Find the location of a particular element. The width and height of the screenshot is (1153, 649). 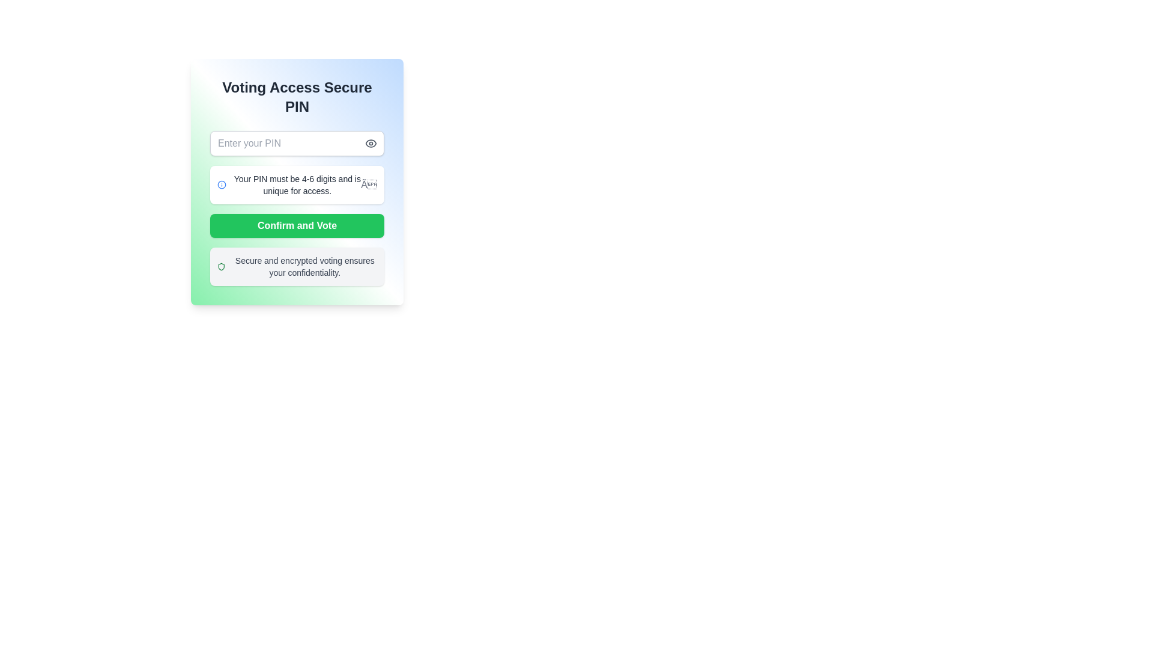

the green confirmation button located in the middle section of the card layout to confirm and submit the vote is located at coordinates (297, 225).